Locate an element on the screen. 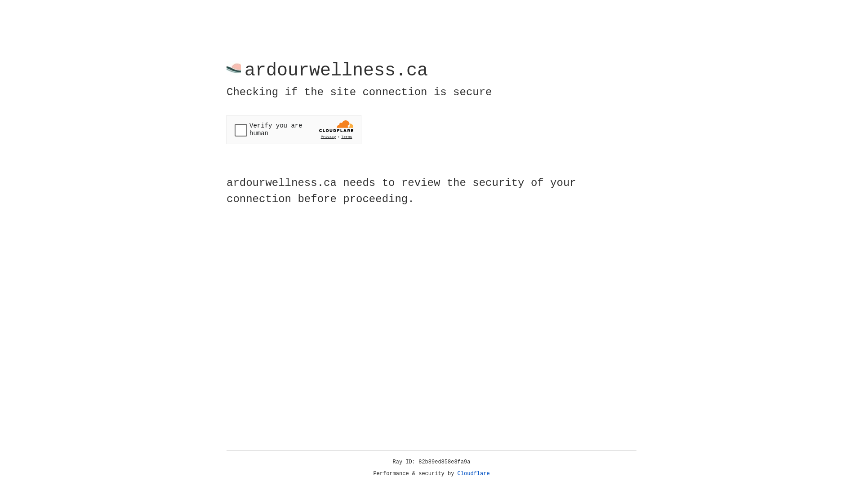 The width and height of the screenshot is (863, 485). 'Widget containing a Cloudflare security challenge' is located at coordinates (294, 129).